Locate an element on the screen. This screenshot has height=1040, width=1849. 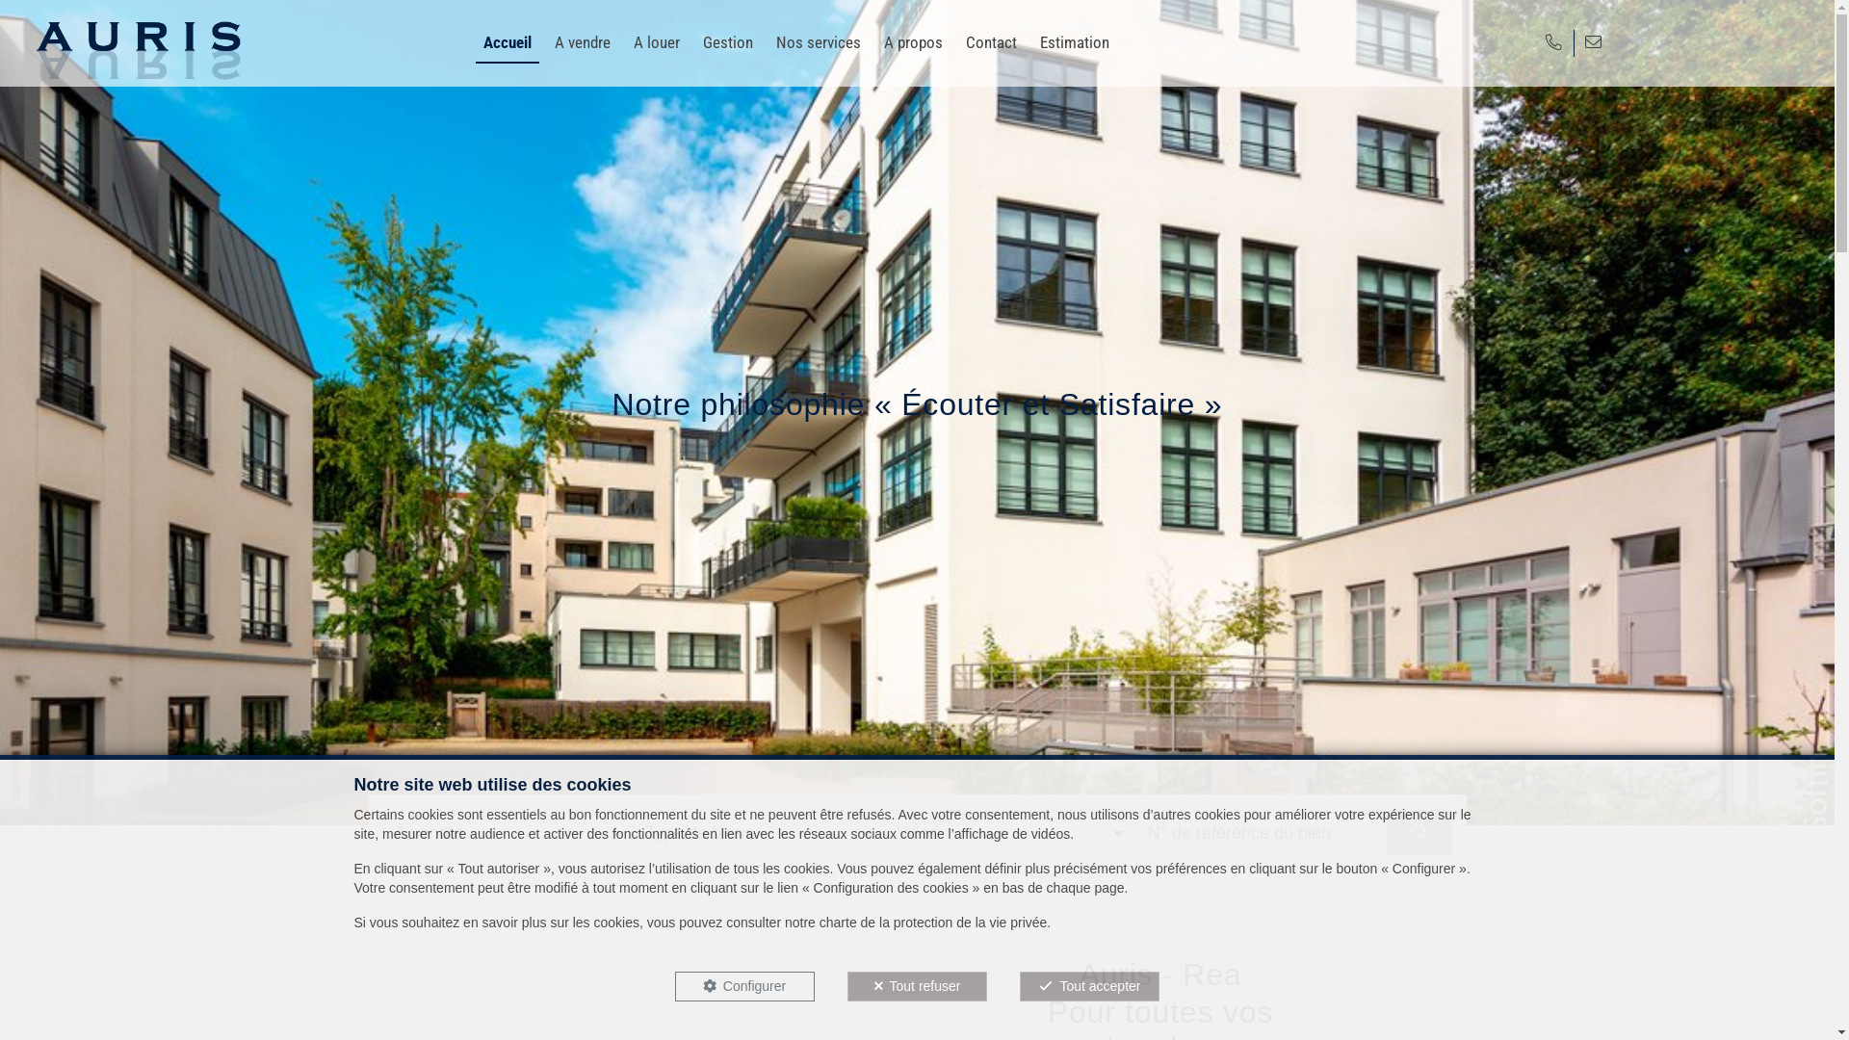
'Tout accepter' is located at coordinates (1089, 986).